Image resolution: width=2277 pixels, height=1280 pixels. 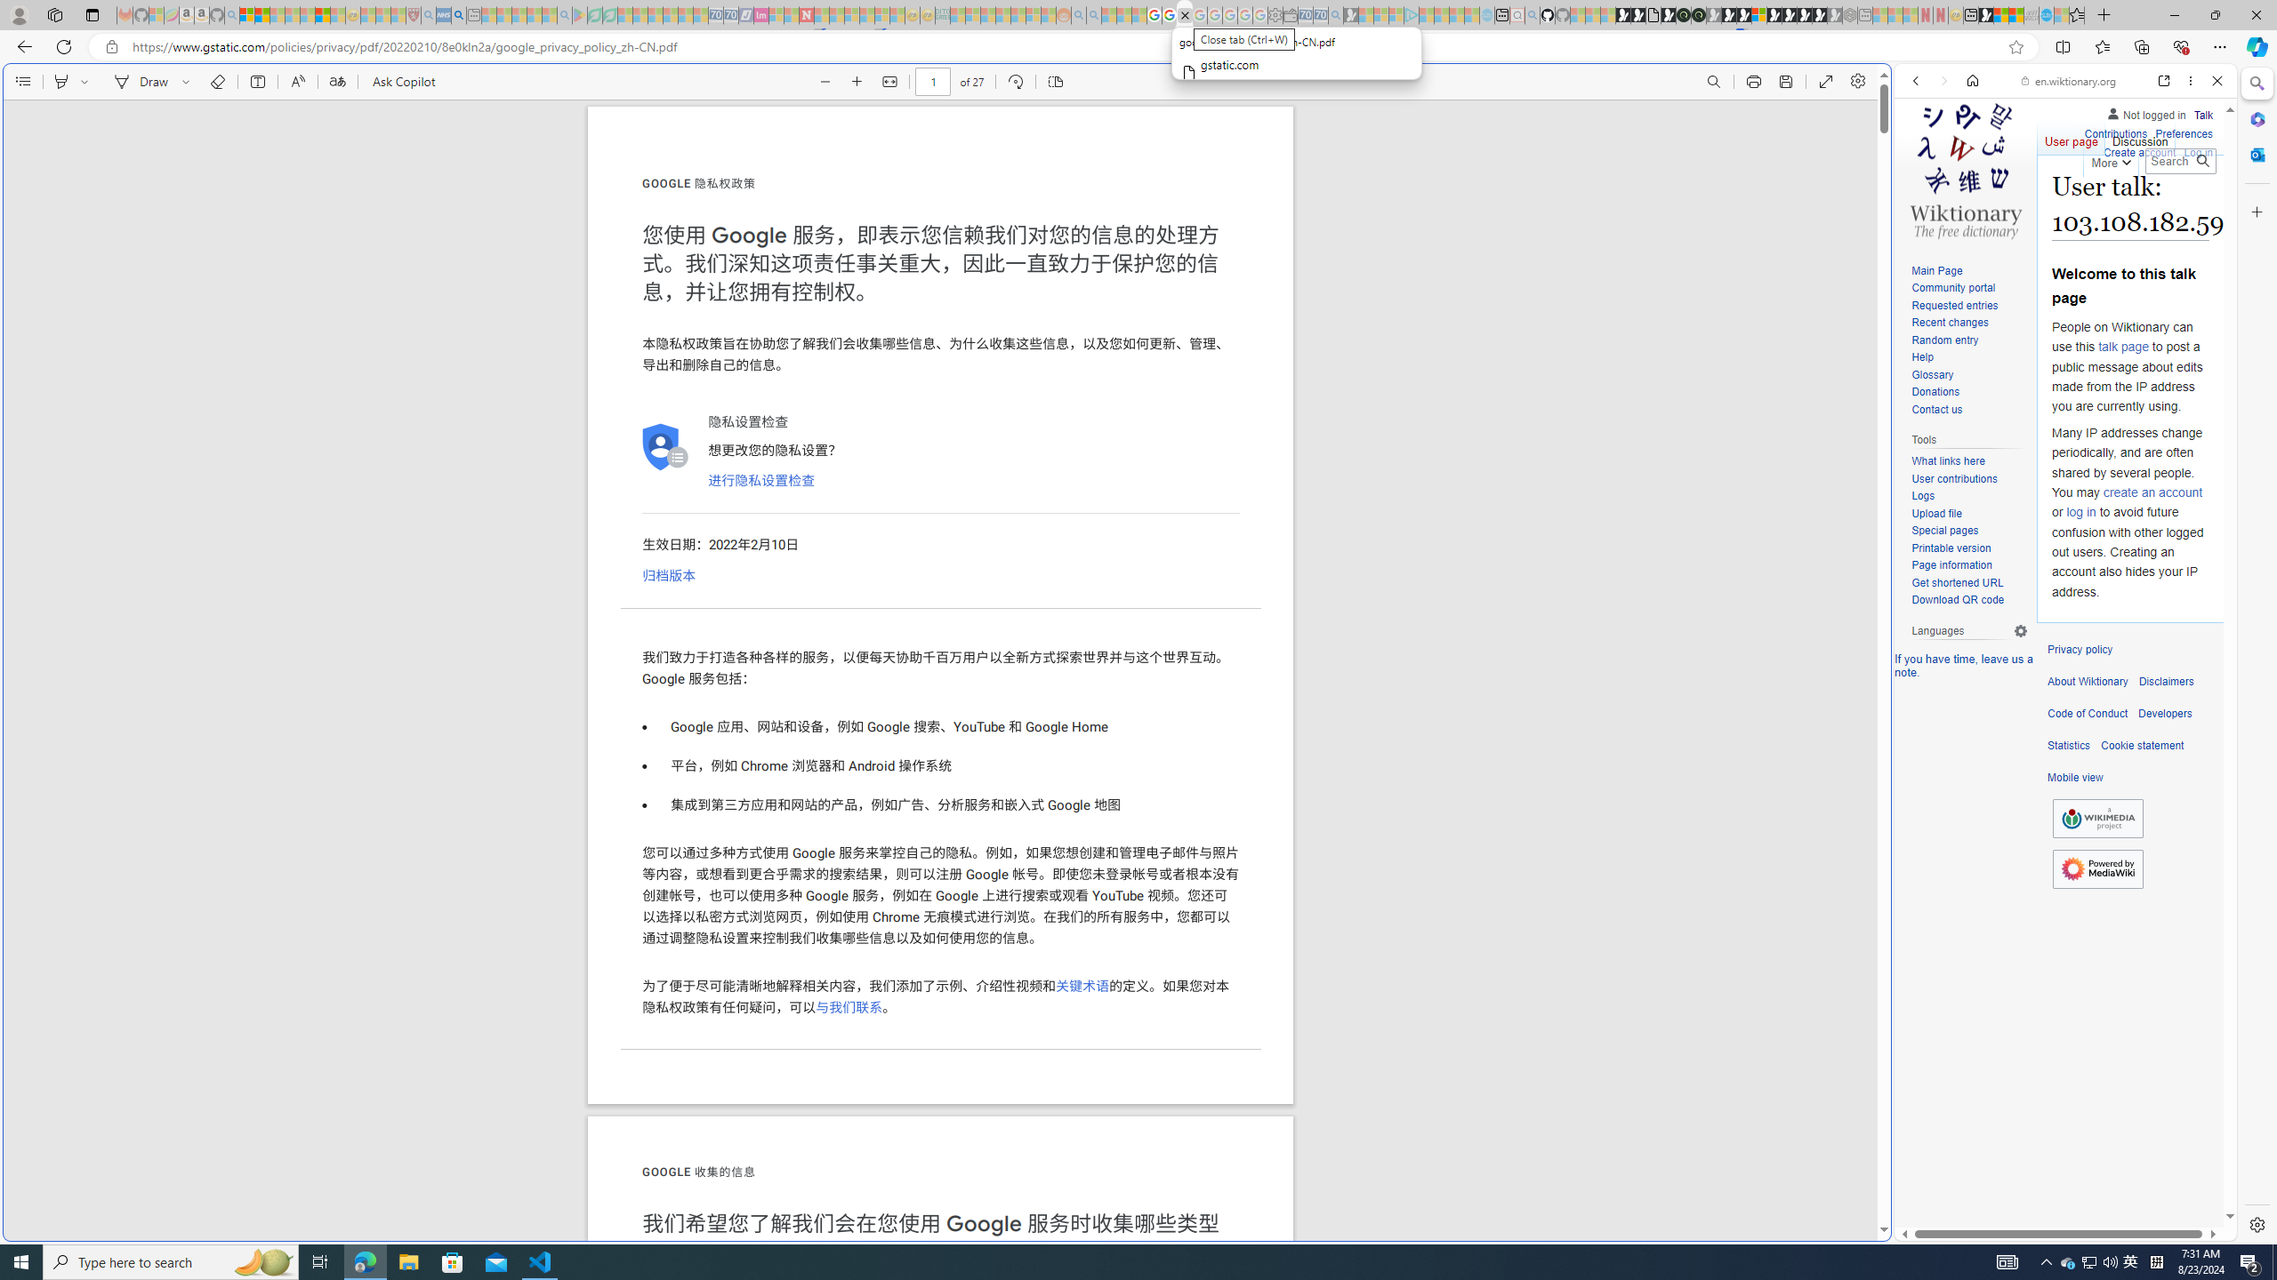 I want to click on 'Get shortened URL', so click(x=1957, y=581).